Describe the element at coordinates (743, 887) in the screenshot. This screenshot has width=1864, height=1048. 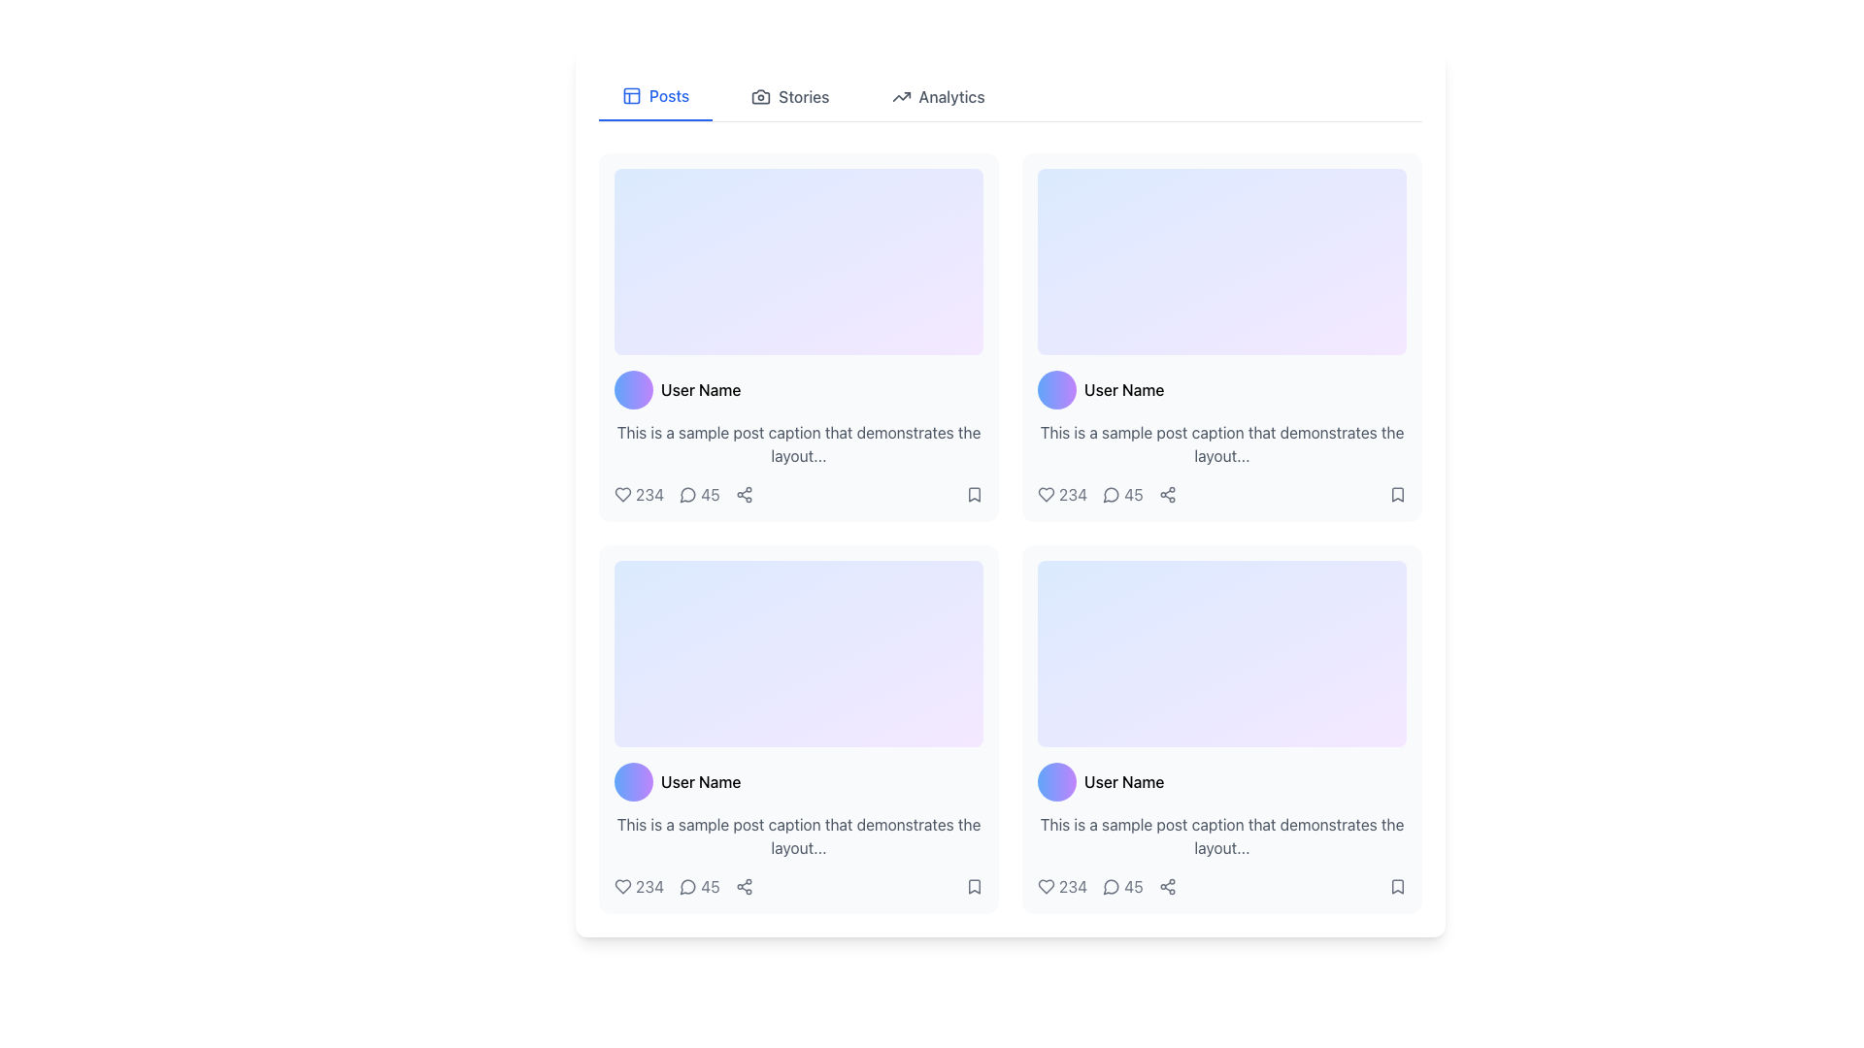
I see `the share button, which is the third icon in the row of interaction options below a post` at that location.